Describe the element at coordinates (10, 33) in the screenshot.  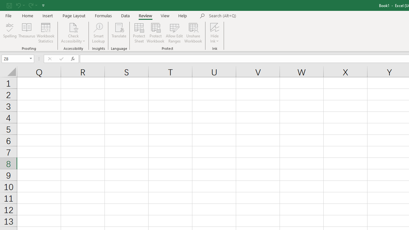
I see `'Spelling...'` at that location.